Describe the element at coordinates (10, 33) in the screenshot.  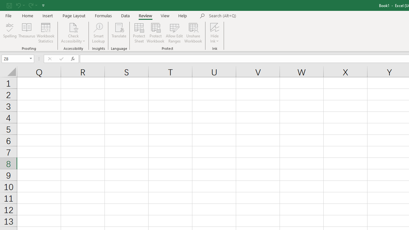
I see `'Spelling...'` at that location.